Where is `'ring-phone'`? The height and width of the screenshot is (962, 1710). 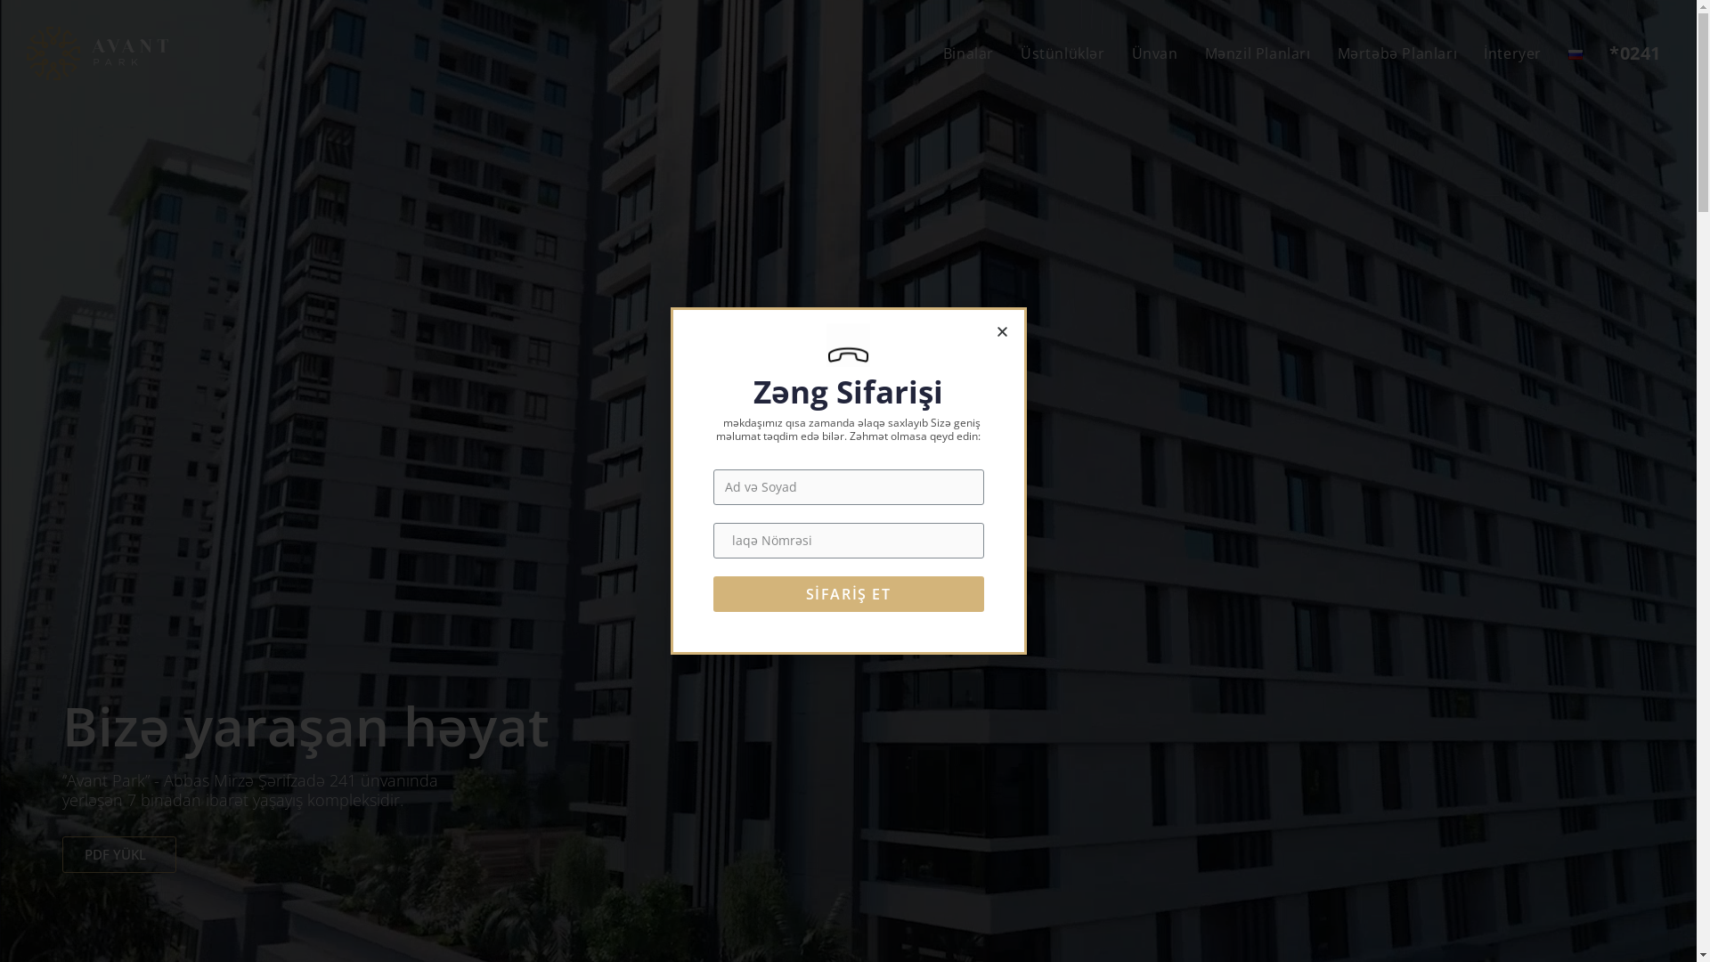
'ring-phone' is located at coordinates (847, 345).